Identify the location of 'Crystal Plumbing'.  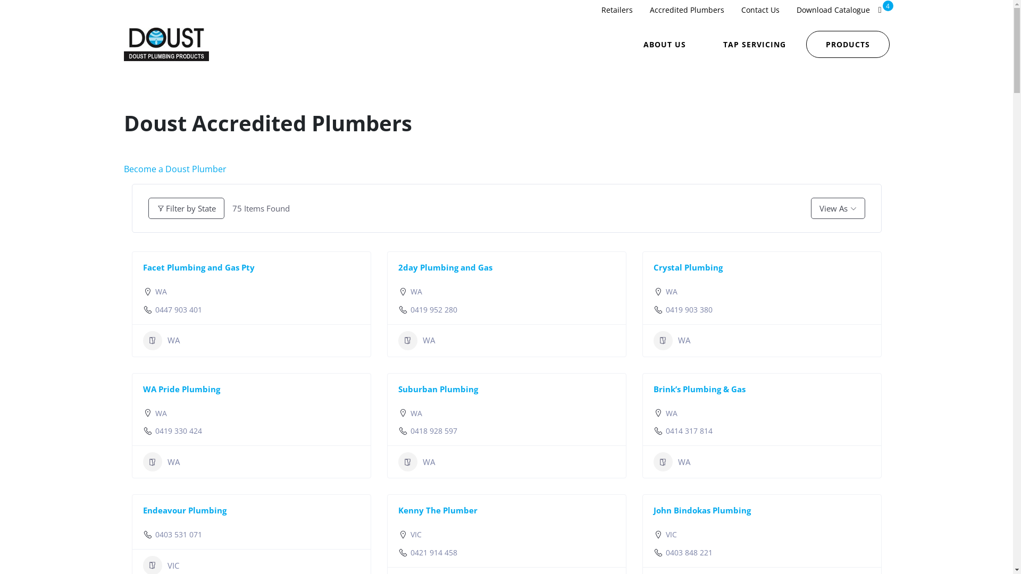
(687, 266).